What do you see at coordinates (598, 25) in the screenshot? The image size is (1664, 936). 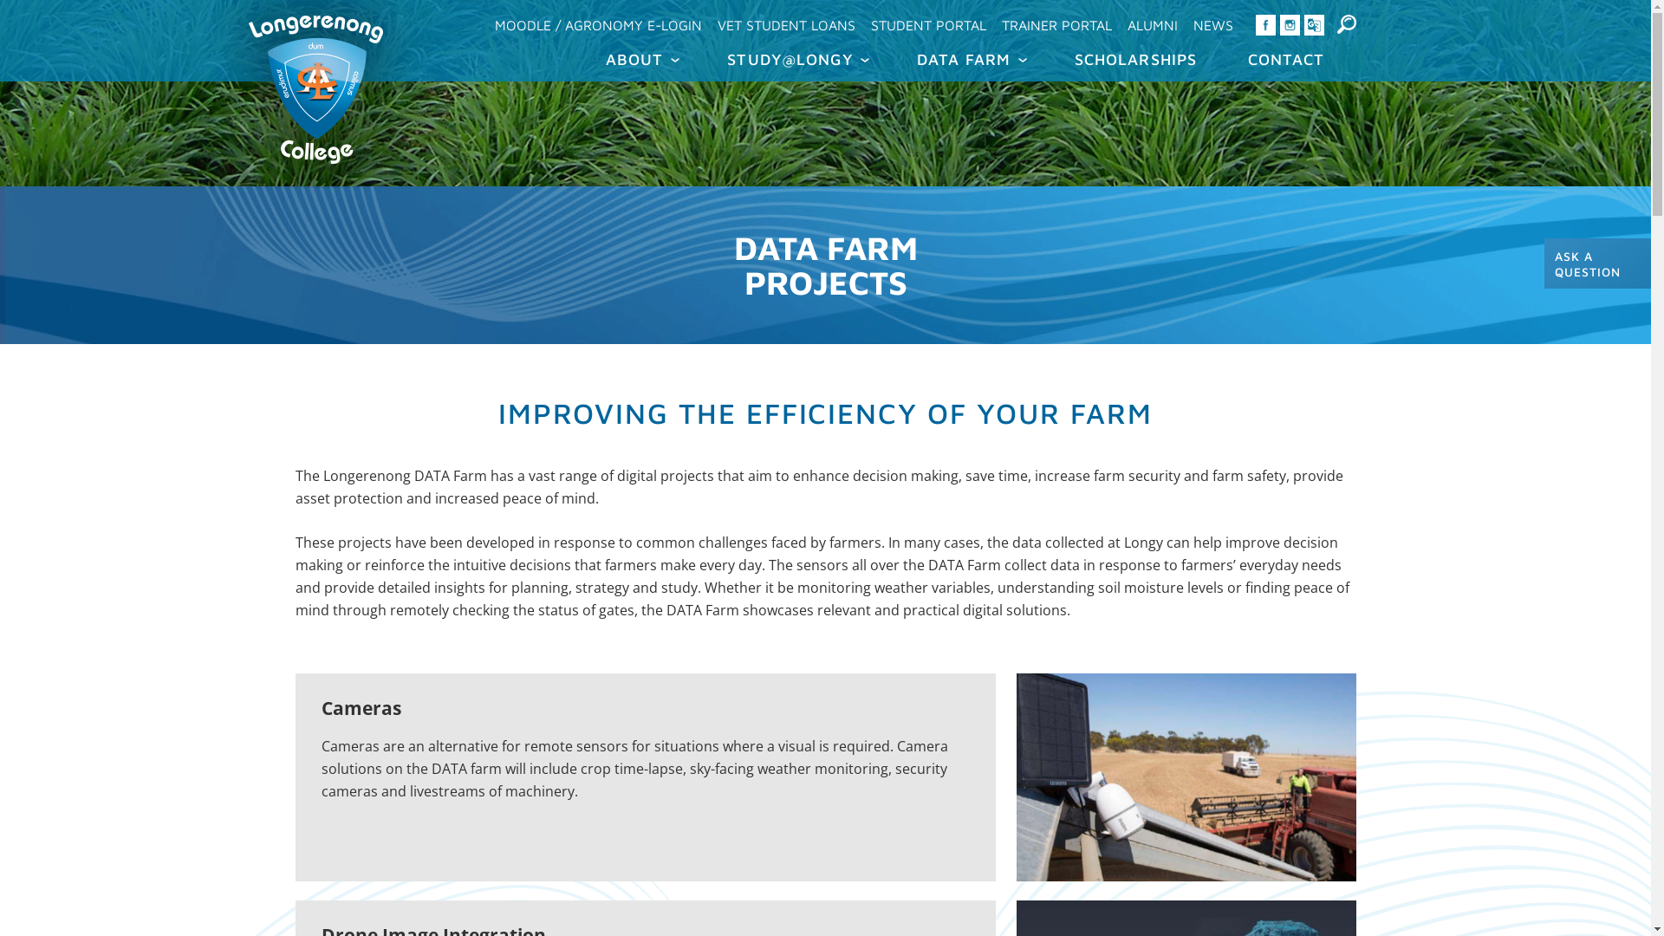 I see `'MOODLE / AGRONOMY E-LOGIN'` at bounding box center [598, 25].